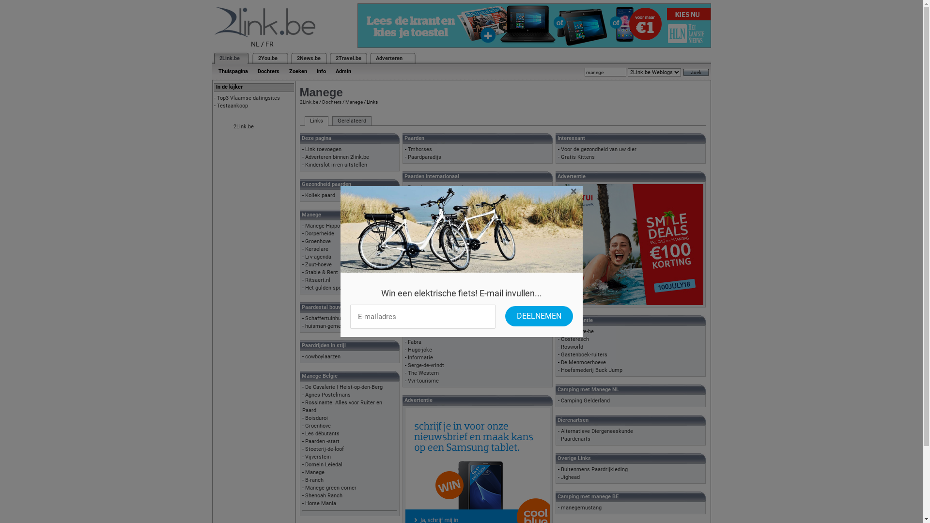 The width and height of the screenshot is (930, 523). Describe the element at coordinates (308, 58) in the screenshot. I see `'2News.be'` at that location.